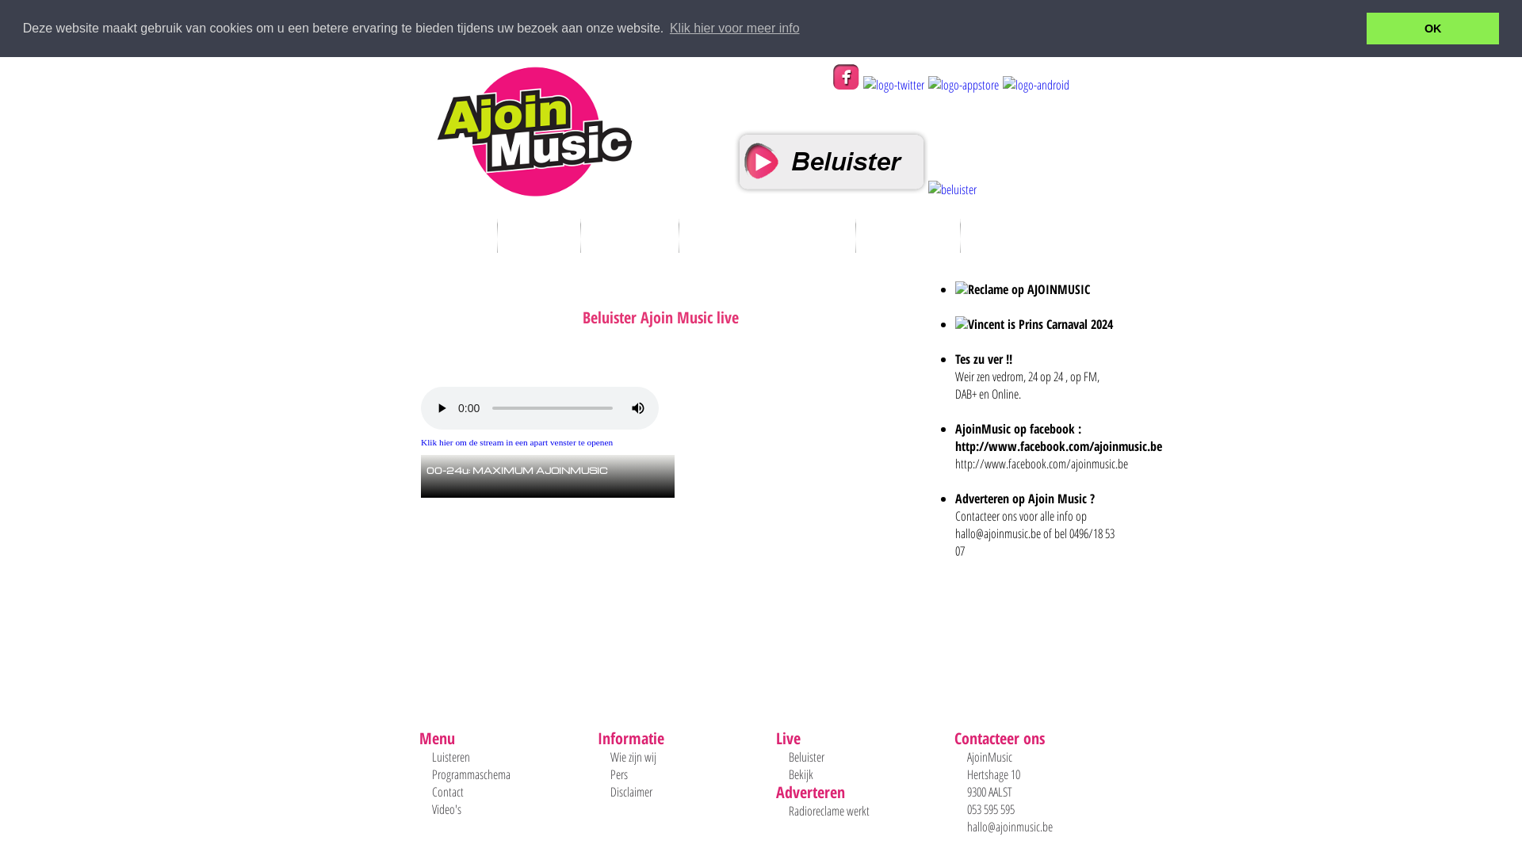 This screenshot has width=1522, height=856. Describe the element at coordinates (450, 756) in the screenshot. I see `'Luisteren'` at that location.